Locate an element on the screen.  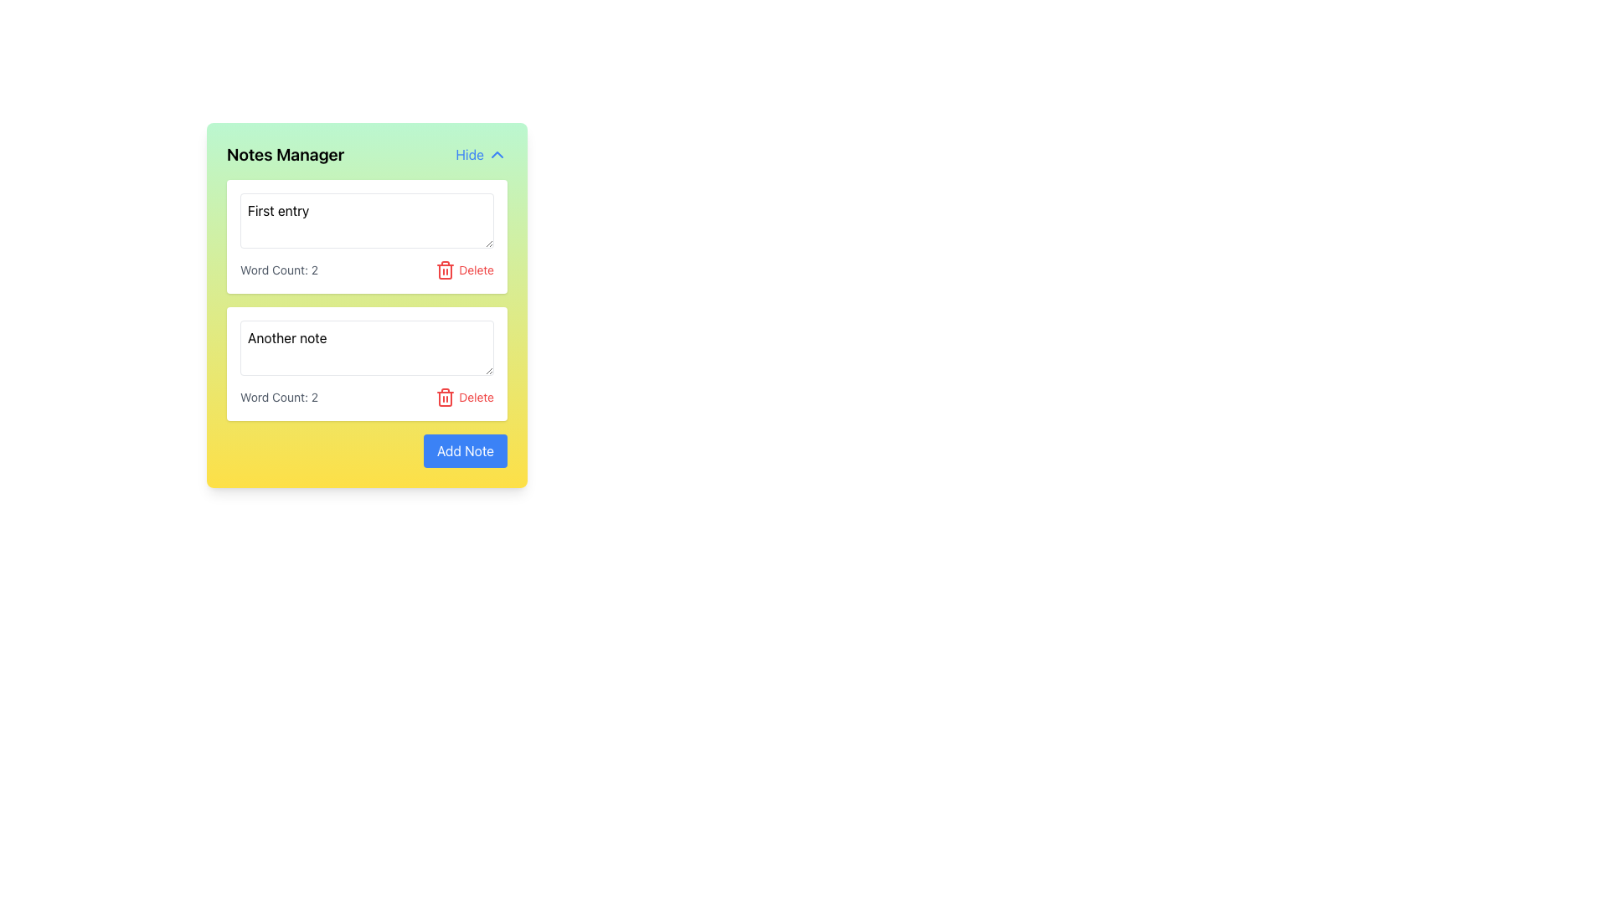
the first note entry in the Notes Manager is located at coordinates (366, 236).